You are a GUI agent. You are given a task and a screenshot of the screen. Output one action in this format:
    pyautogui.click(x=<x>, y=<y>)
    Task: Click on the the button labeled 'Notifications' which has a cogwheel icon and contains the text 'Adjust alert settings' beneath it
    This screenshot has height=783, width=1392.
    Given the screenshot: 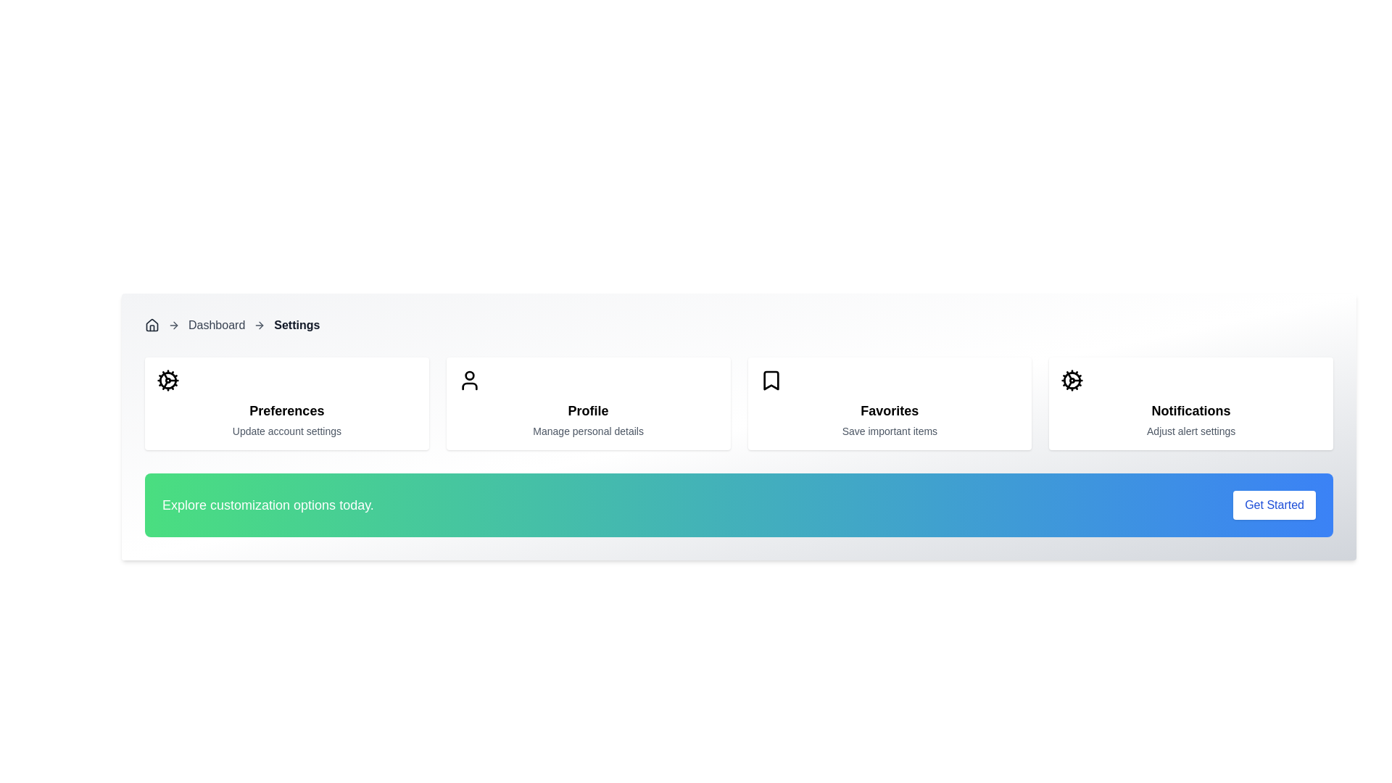 What is the action you would take?
    pyautogui.click(x=1191, y=403)
    